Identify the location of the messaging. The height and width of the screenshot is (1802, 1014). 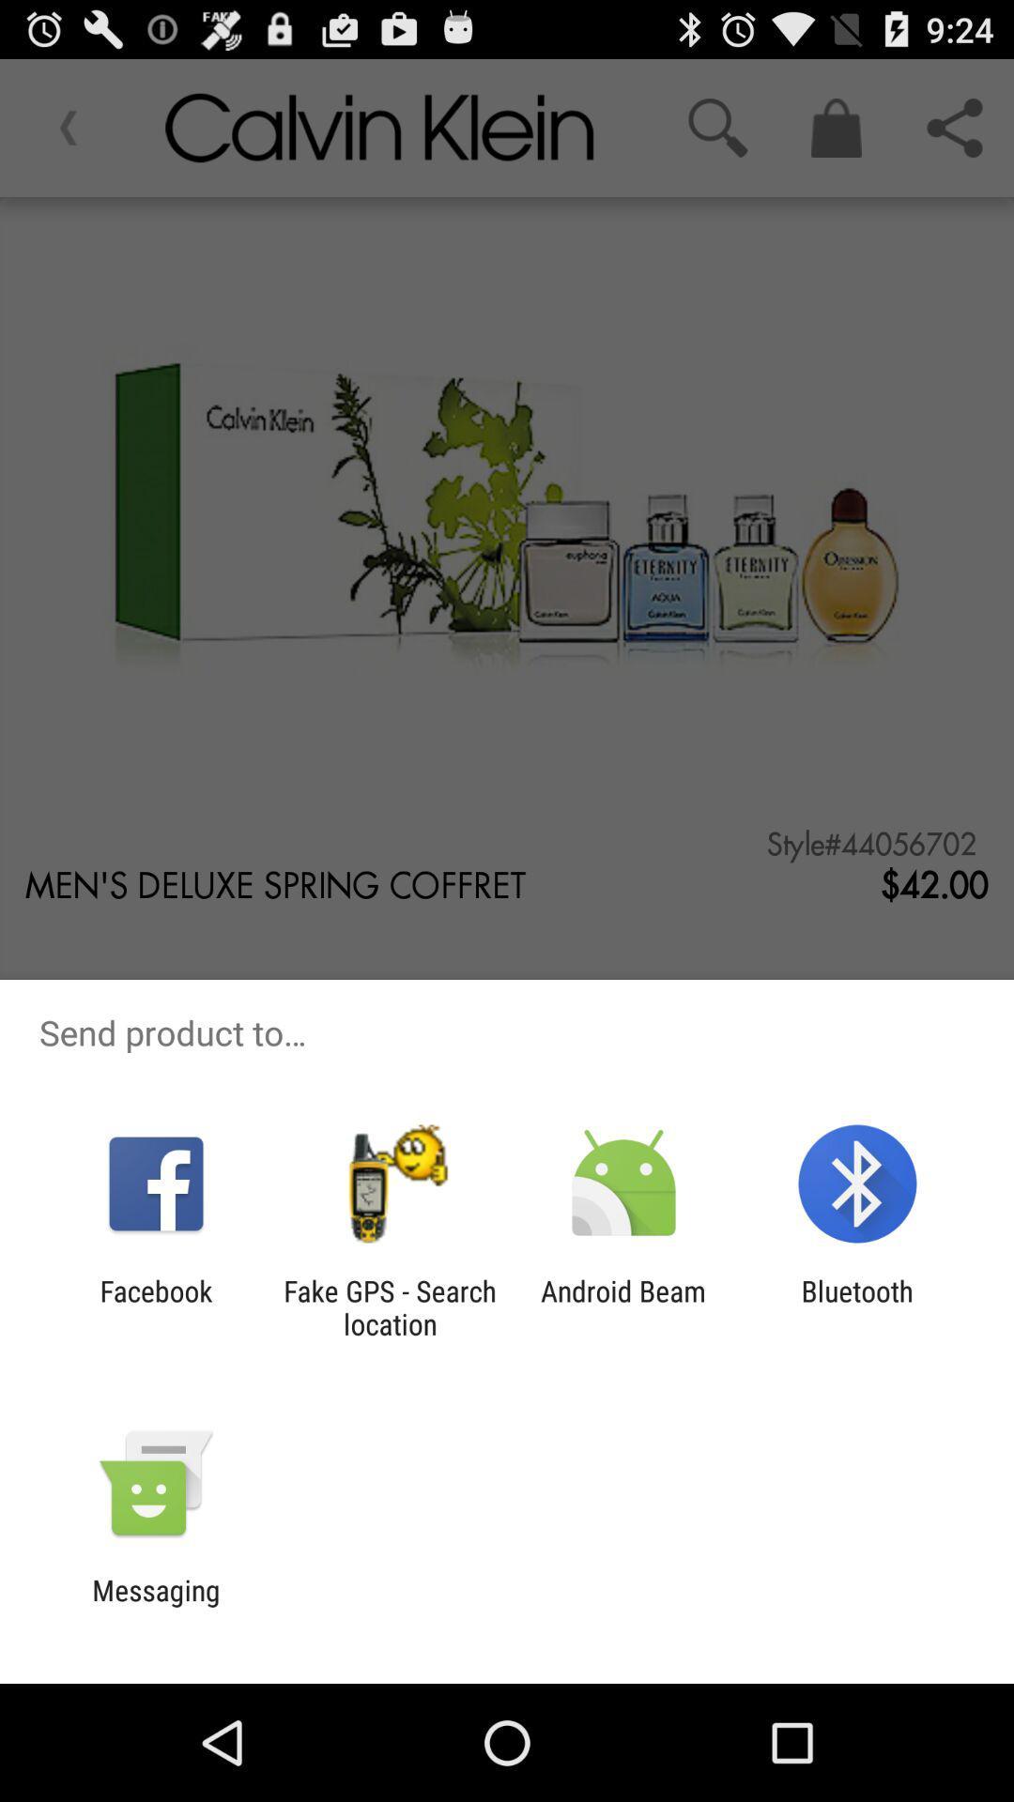
(155, 1606).